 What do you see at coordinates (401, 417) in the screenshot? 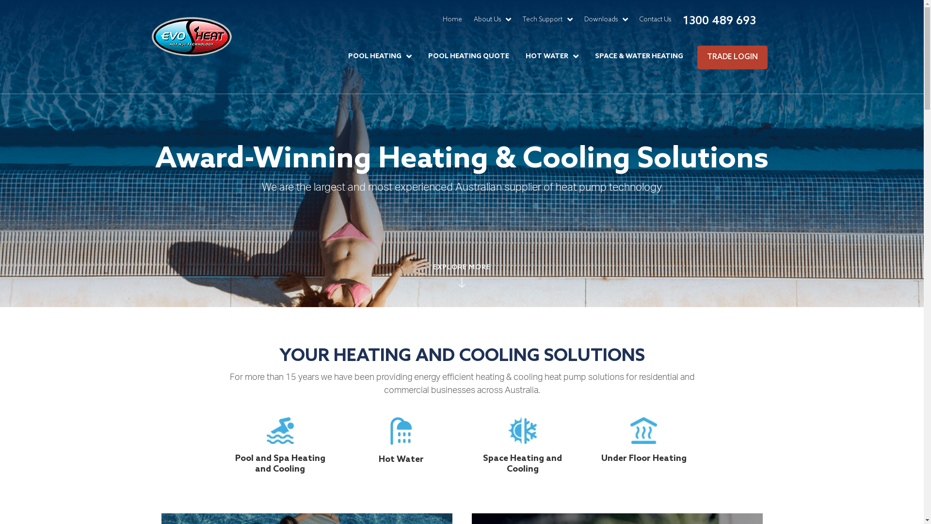
I see `'icon-hot-water'` at bounding box center [401, 417].